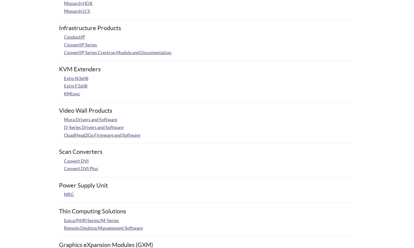  I want to click on 'KVM Extenders', so click(80, 69).